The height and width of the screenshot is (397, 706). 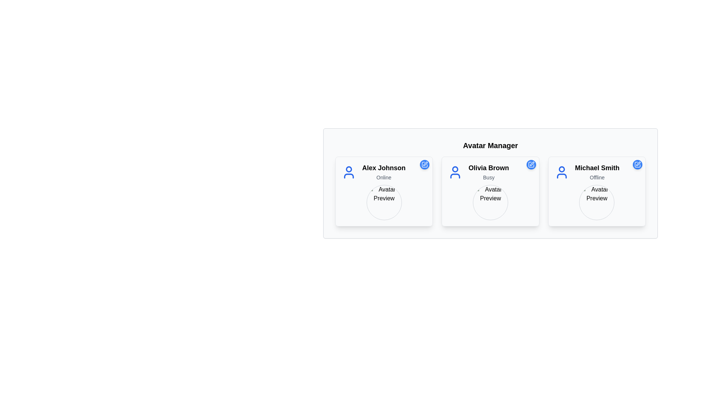 What do you see at coordinates (489, 177) in the screenshot?
I see `the static text label indicating the status of user 'Olivia Brown', located below their name in the center panel of the 'Avatar Manager' group` at bounding box center [489, 177].